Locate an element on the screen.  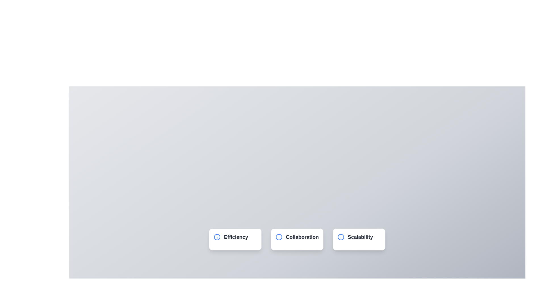
the 'Collaboration' button, which features a circular blue icon with an 'i' and bold text is located at coordinates (297, 237).